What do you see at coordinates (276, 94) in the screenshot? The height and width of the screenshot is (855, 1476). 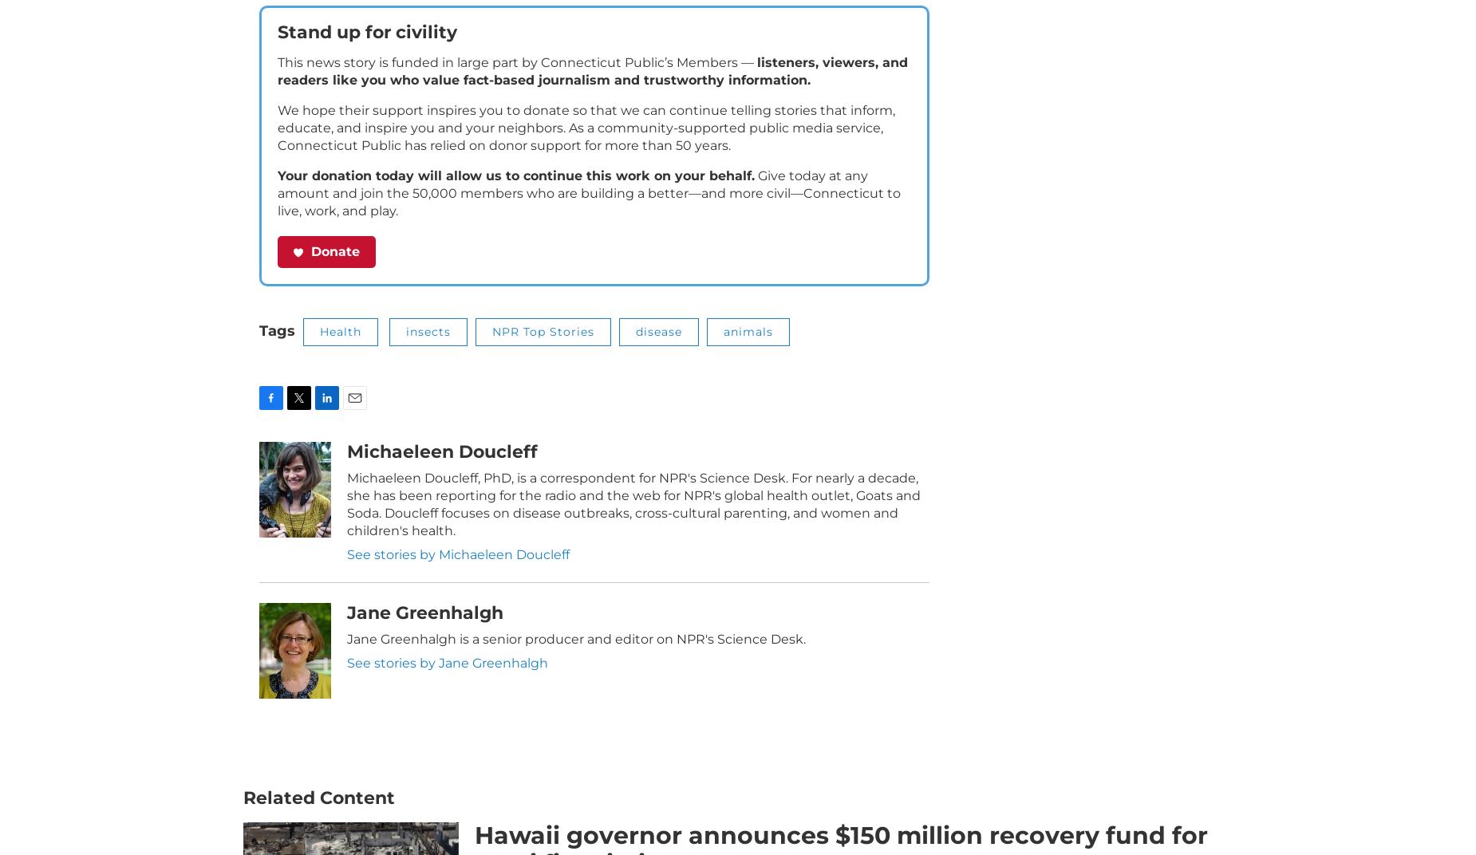 I see `'listeners, viewers, and readers like you who value fact-based journalism and trustworthy information.'` at bounding box center [276, 94].